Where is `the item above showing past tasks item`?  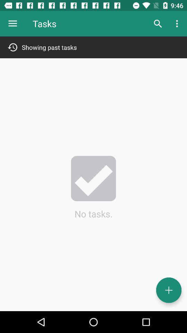
the item above showing past tasks item is located at coordinates (178, 24).